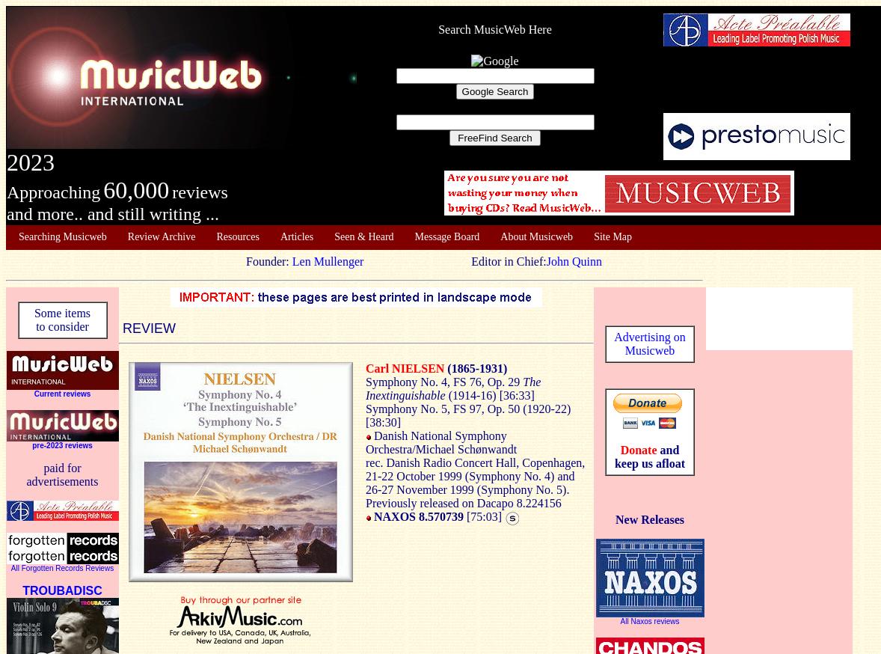 Image resolution: width=881 pixels, height=654 pixels. Describe the element at coordinates (42, 296) in the screenshot. I see `'Label 
                index'` at that location.